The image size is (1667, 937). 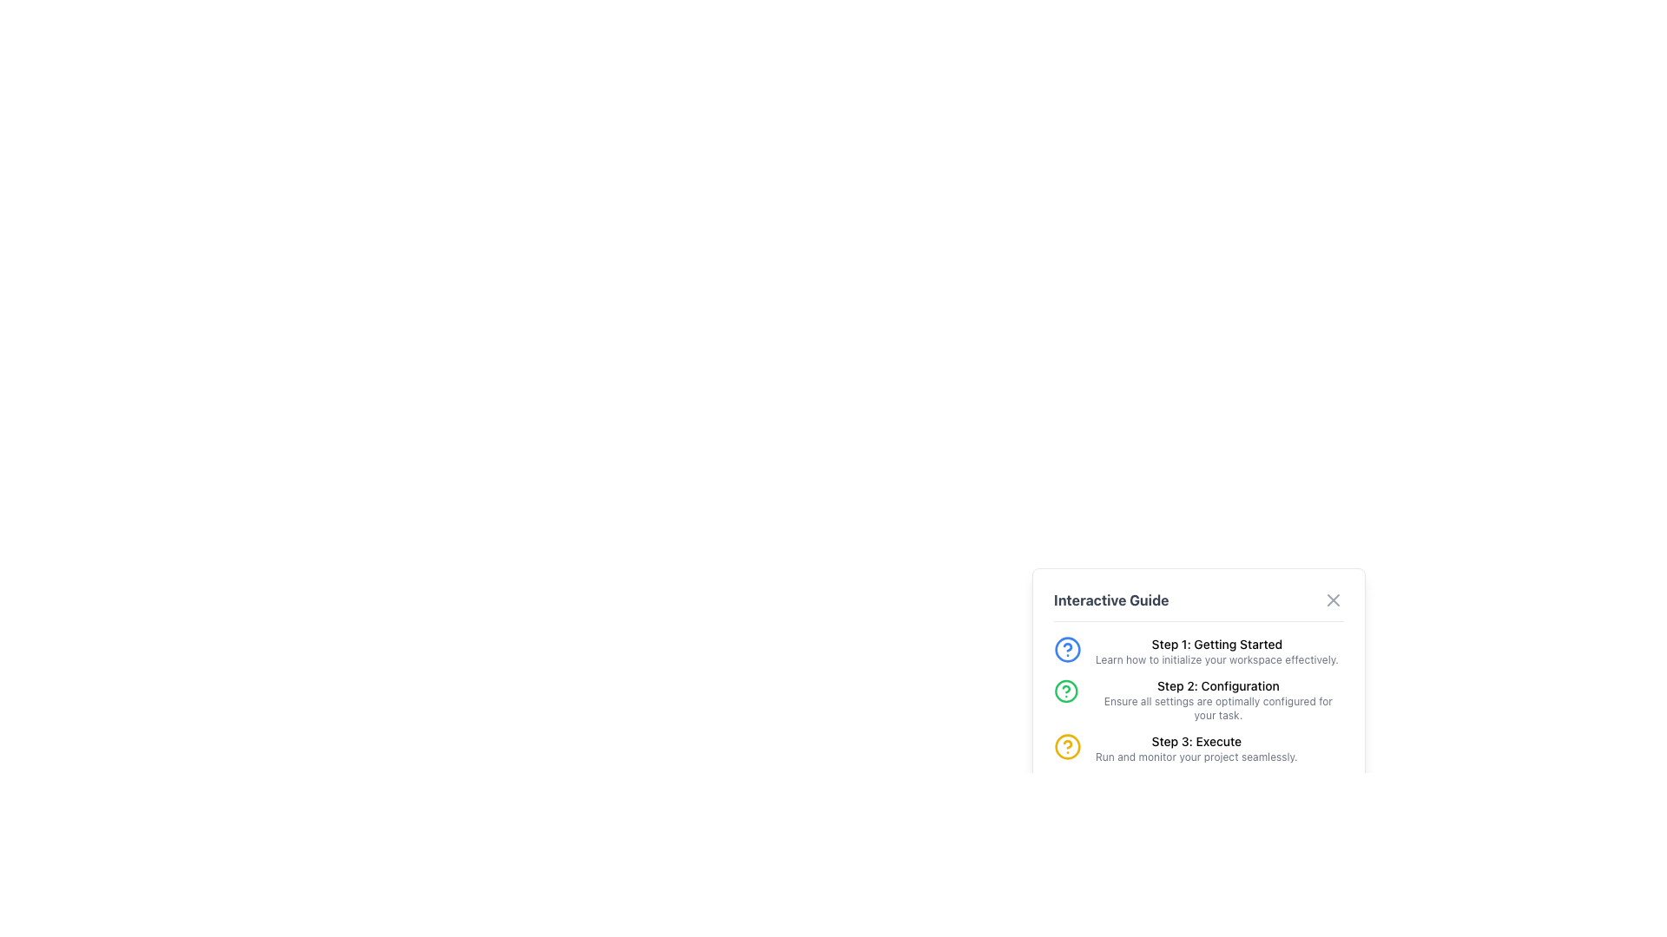 What do you see at coordinates (1216, 652) in the screenshot?
I see `text block element titled 'Step 1: Getting Started' that describes how to initialize your workspace effectively, located in the right-aligned interactive guide panel` at bounding box center [1216, 652].